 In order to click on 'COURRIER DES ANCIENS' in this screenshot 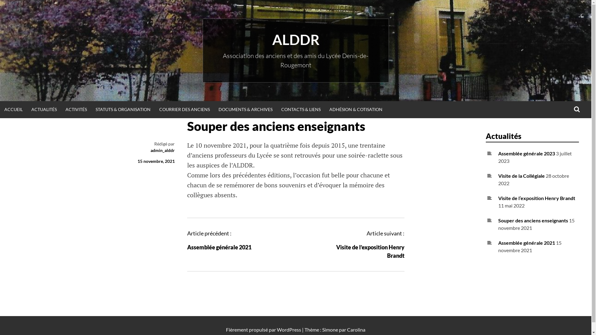, I will do `click(155, 109)`.